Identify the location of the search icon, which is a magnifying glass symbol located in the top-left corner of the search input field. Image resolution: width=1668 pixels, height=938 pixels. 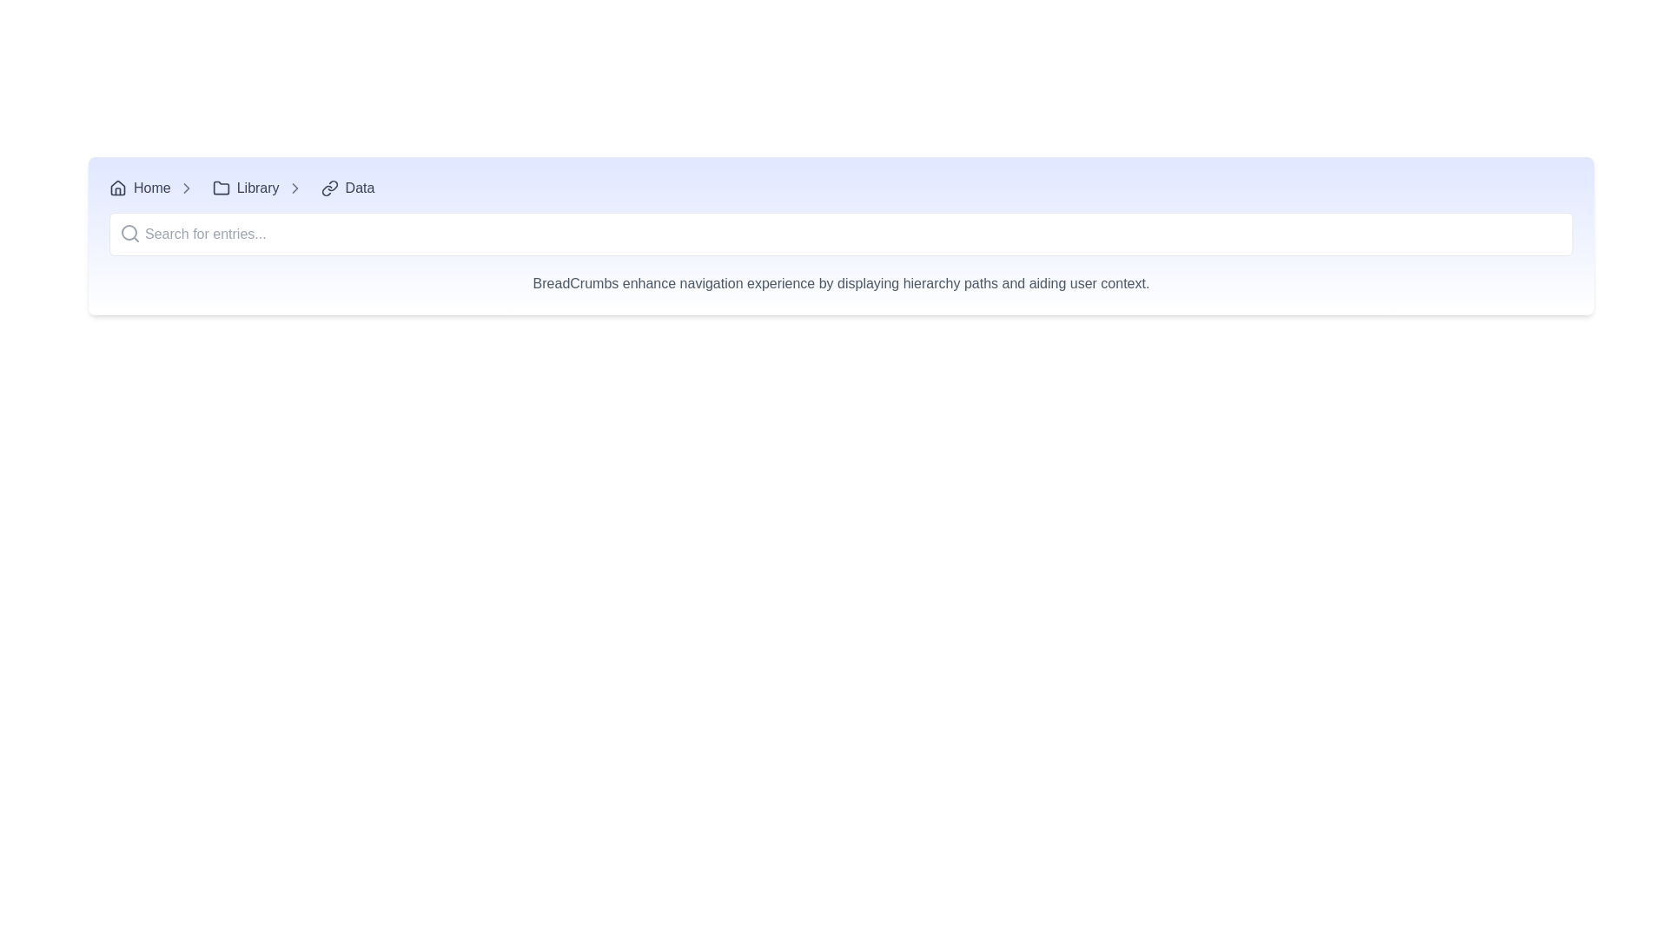
(129, 233).